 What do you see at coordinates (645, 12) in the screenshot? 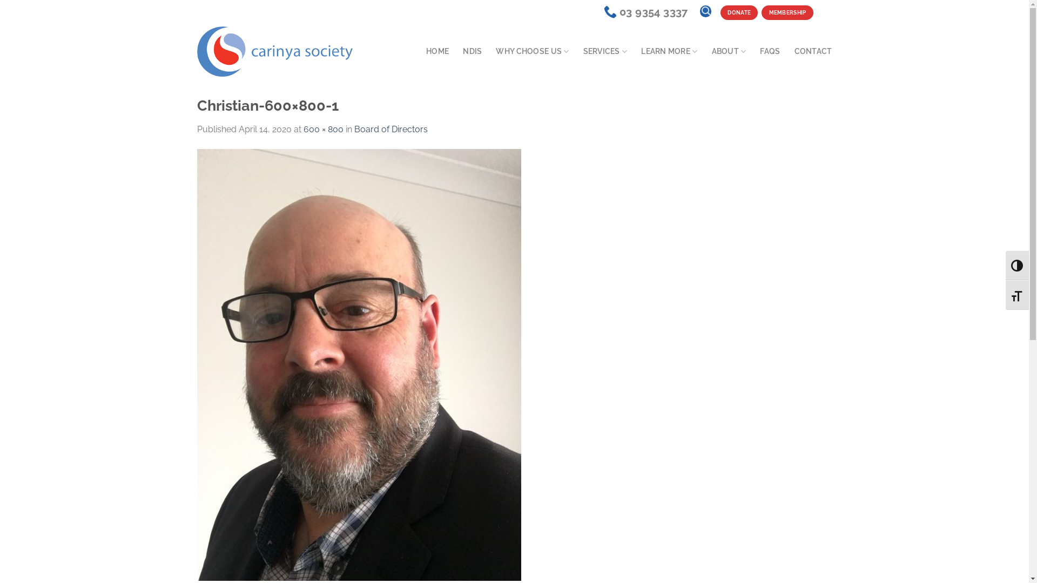
I see `'03 9354 3337'` at bounding box center [645, 12].